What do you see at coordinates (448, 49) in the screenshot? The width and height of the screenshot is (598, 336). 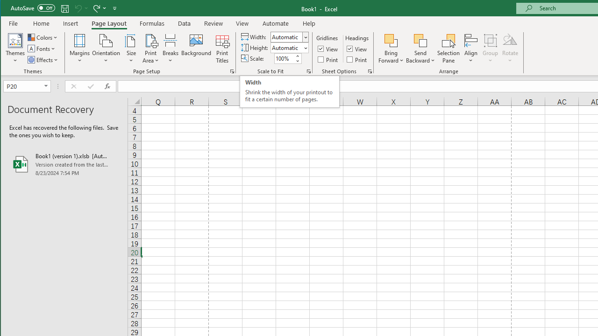 I see `'Selection Pane...'` at bounding box center [448, 49].